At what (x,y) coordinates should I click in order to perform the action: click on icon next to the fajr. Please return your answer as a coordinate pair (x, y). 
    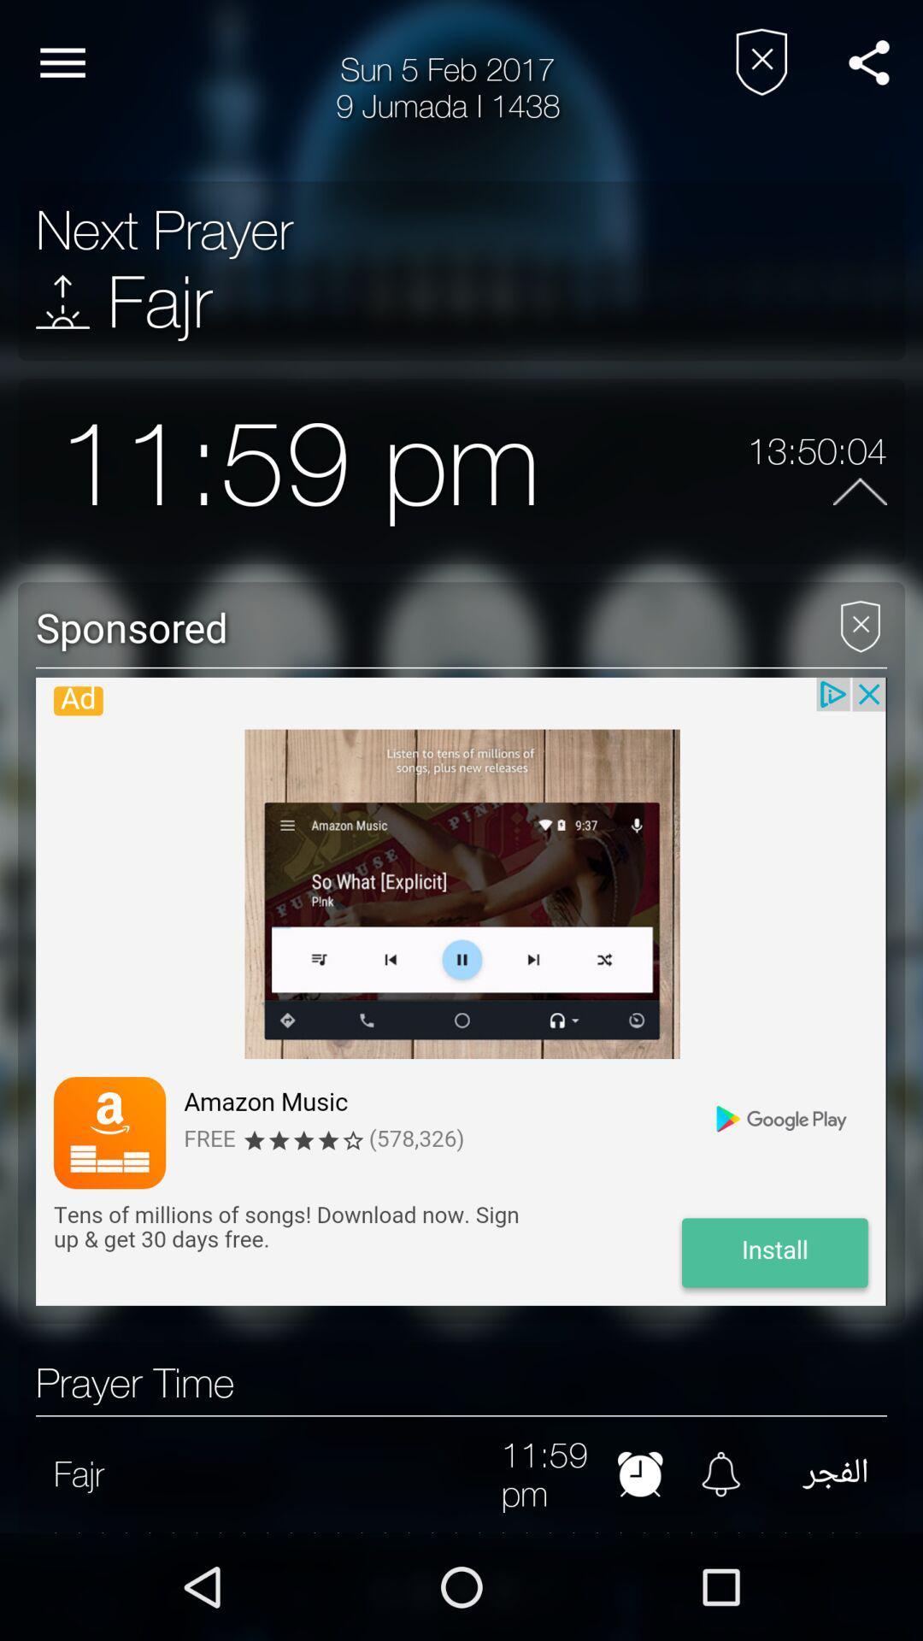
    Looking at the image, I should click on (62, 302).